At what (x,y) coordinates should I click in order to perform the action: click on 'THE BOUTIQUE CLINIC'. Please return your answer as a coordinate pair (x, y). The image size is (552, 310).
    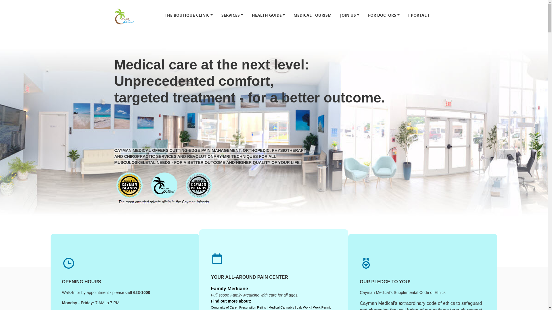
    Looking at the image, I should click on (189, 15).